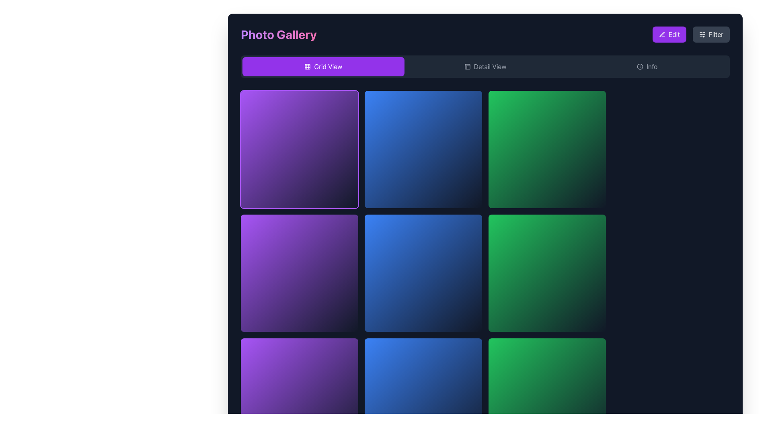  I want to click on the 'Detail View' button in the navigation bar below the 'Photo Gallery' header to switch to the detailed information display of the photo gallery, so click(485, 66).